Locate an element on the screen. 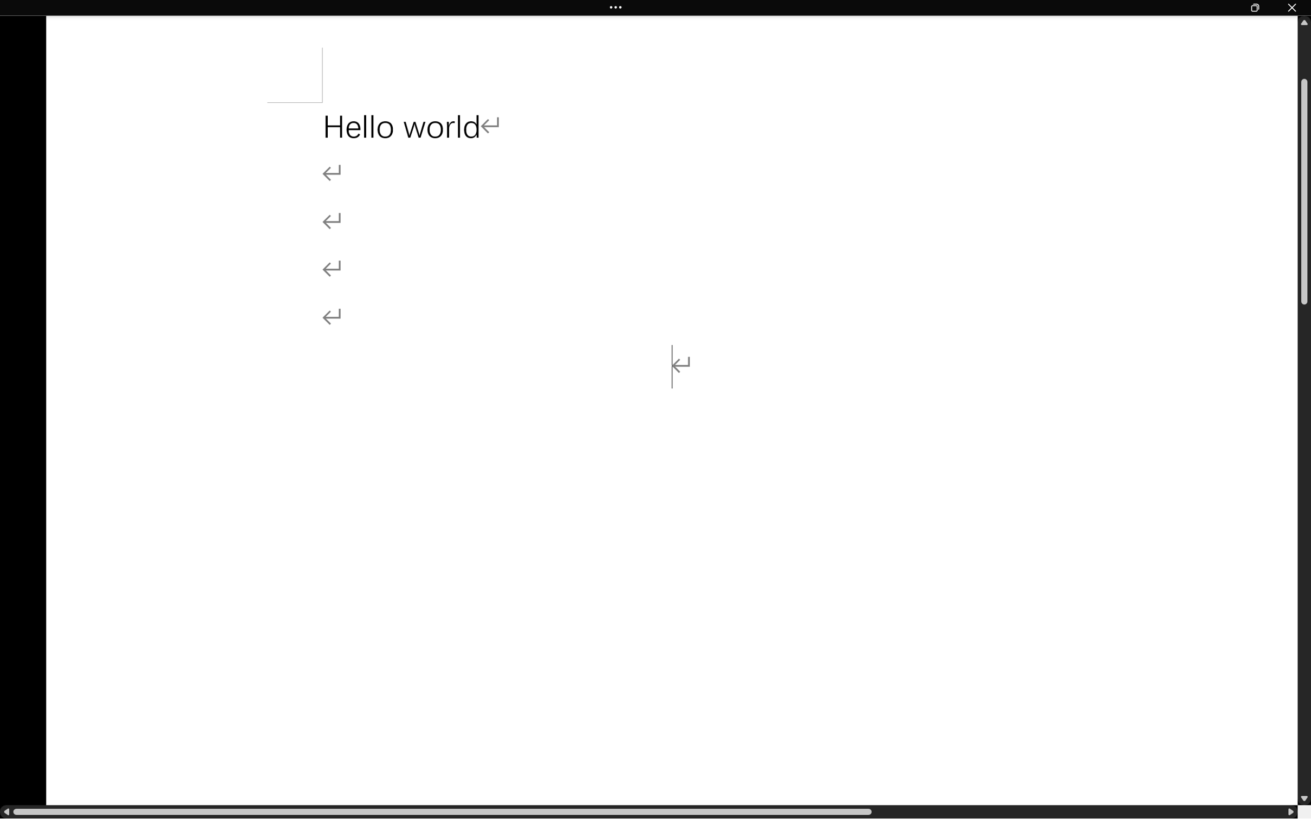 Image resolution: width=1311 pixels, height=819 pixels. 'Restore Down' is located at coordinates (1256, 7).